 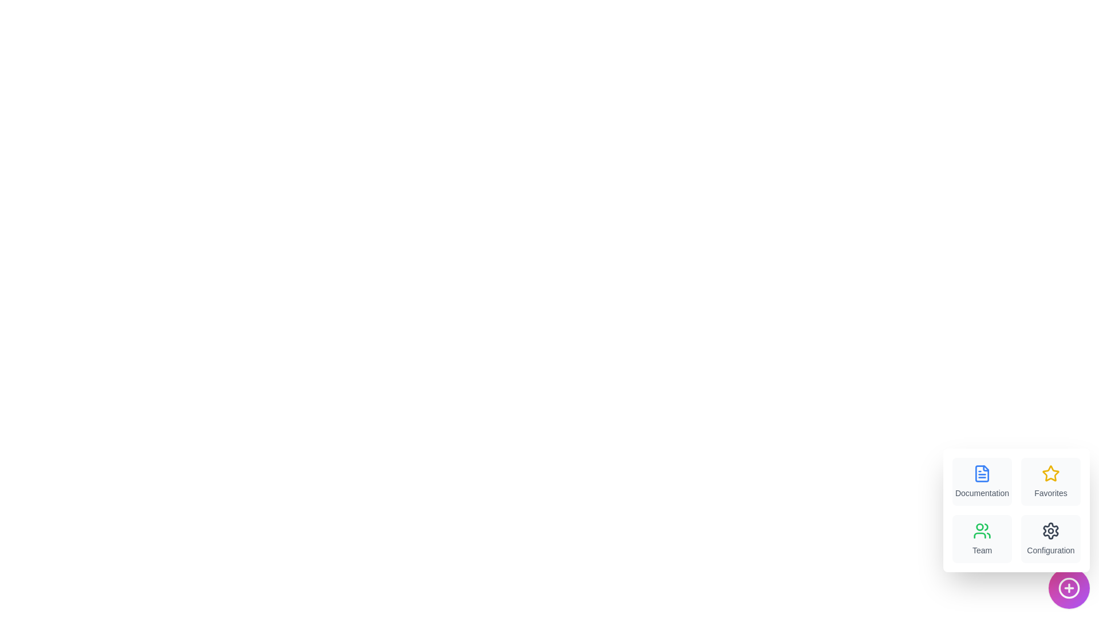 I want to click on the menu item labeled Documentation to trigger its associated action, so click(x=982, y=481).